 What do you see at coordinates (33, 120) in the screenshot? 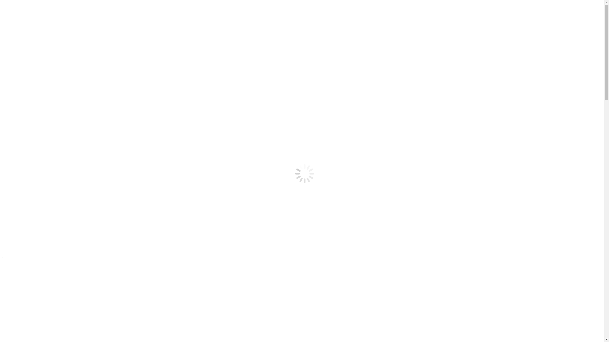
I see `'285 Bound Forum'` at bounding box center [33, 120].